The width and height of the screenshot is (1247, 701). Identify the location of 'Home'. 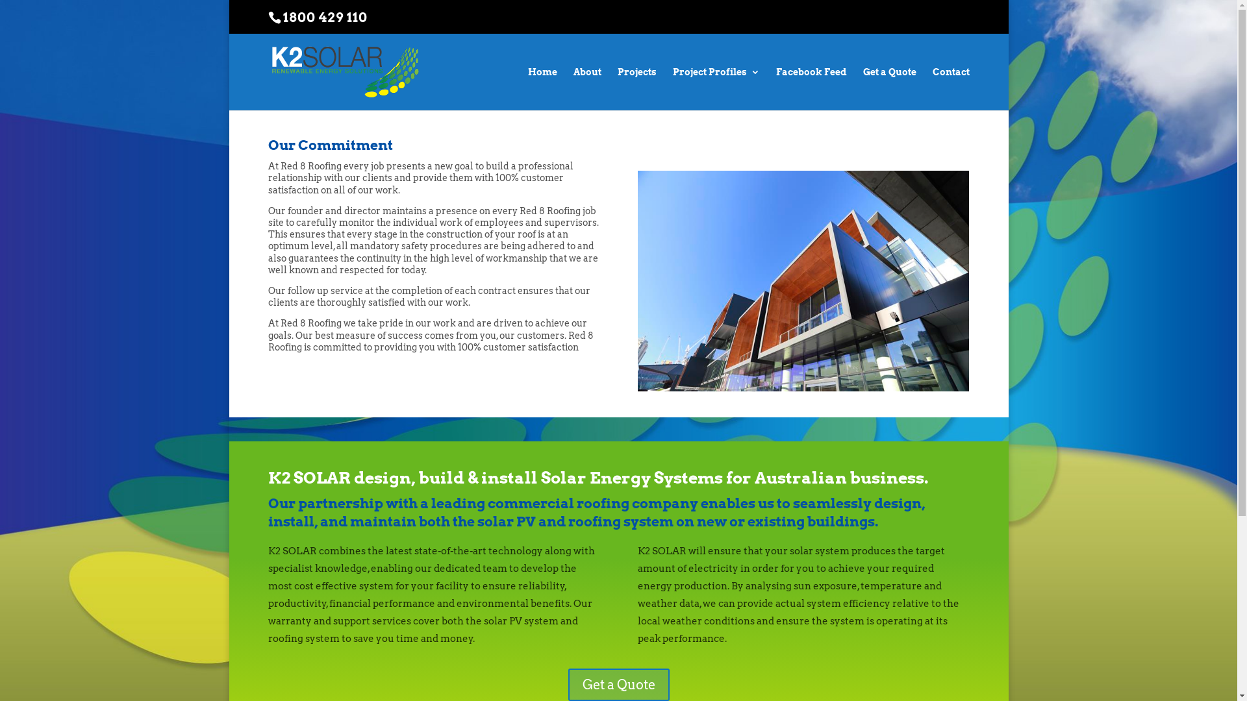
(542, 88).